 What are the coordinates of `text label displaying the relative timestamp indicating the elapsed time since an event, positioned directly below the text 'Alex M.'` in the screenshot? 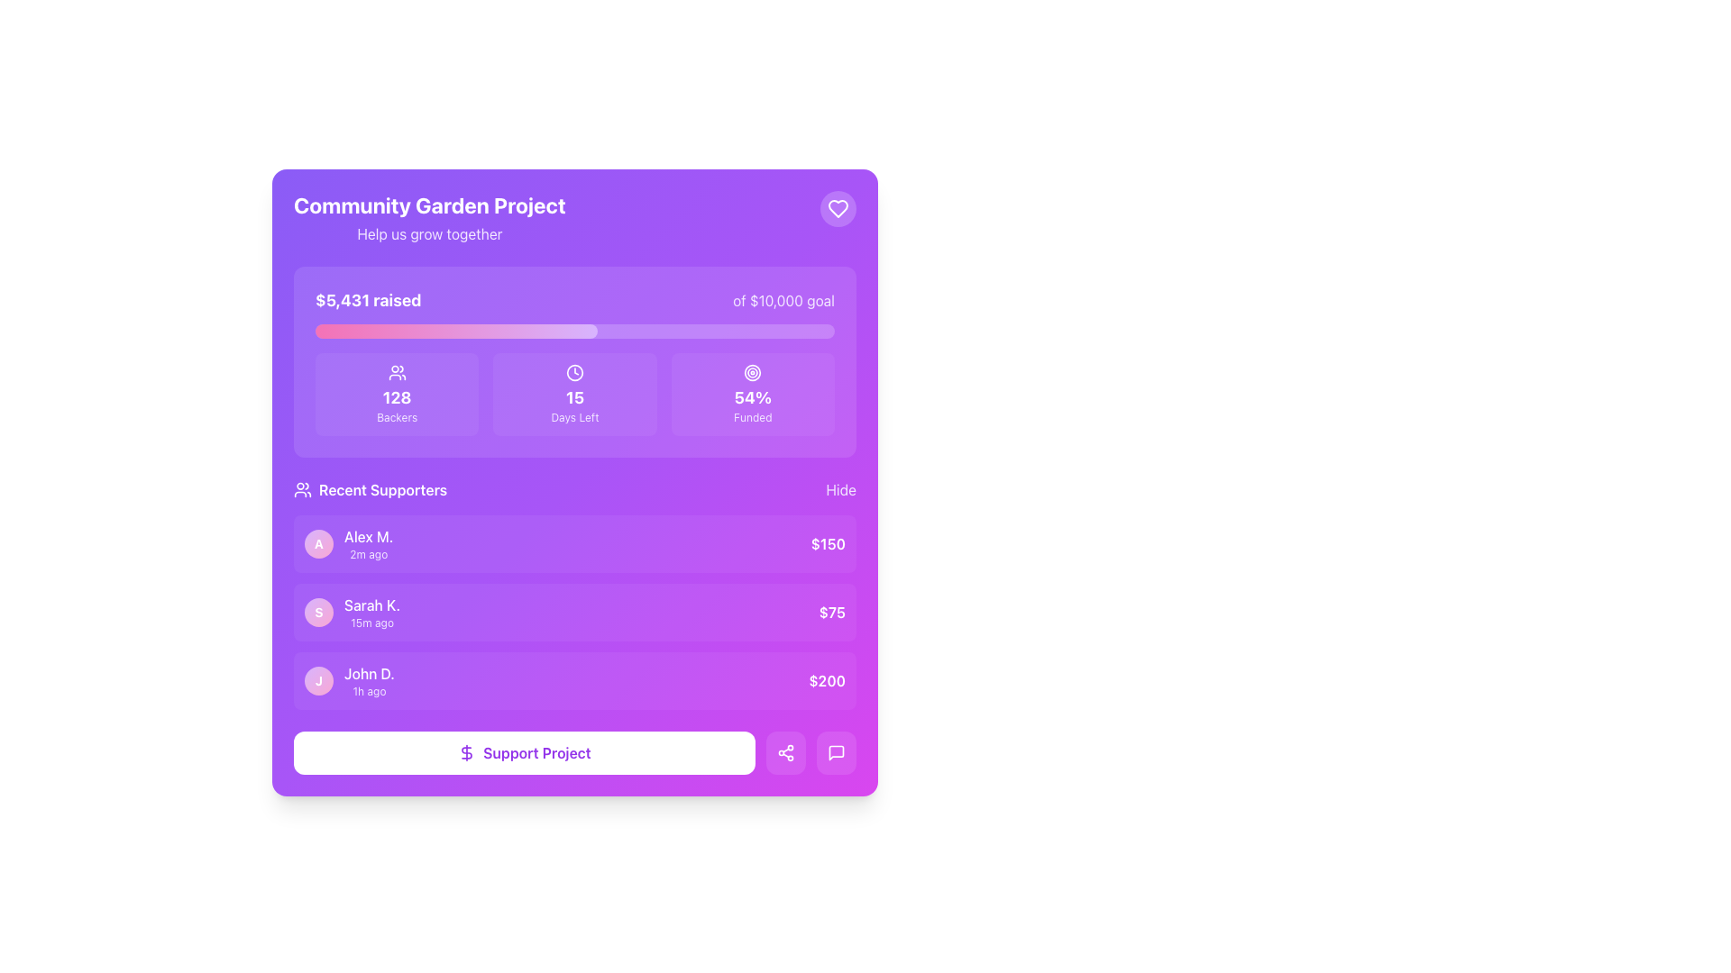 It's located at (368, 554).